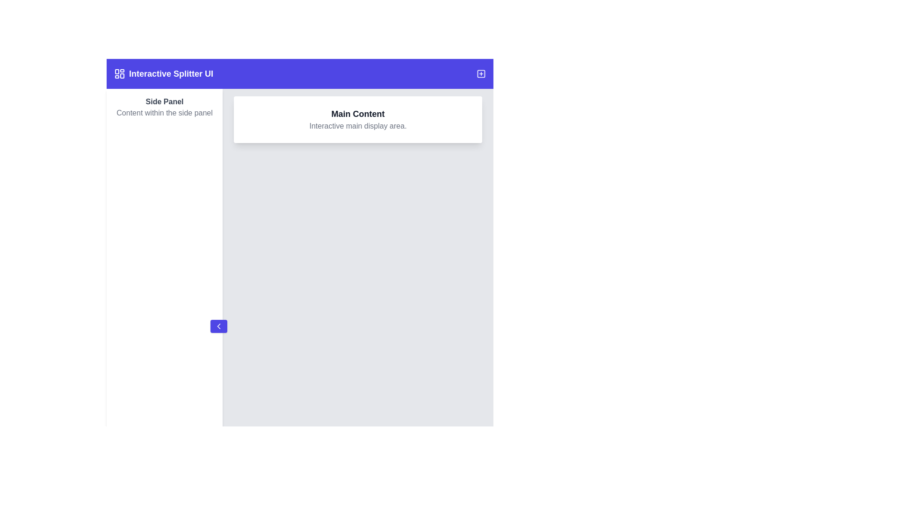 The height and width of the screenshot is (505, 898). Describe the element at coordinates (164, 73) in the screenshot. I see `the text label reading 'Interactive Splitter UI' located in the purple navigation bar at the top of the interface, adjacent to the dashboard icon` at that location.